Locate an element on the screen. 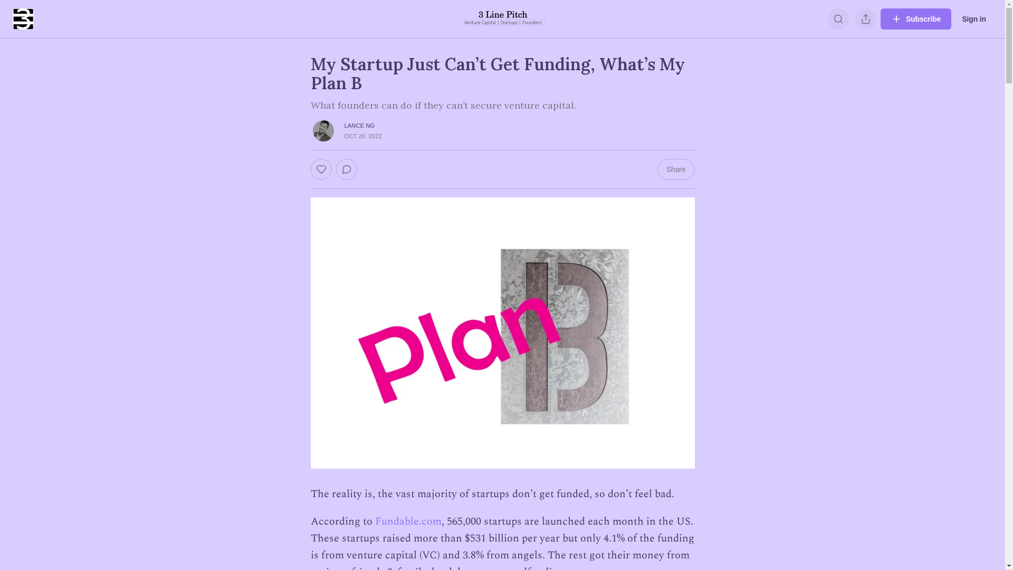 The height and width of the screenshot is (570, 1013). 'Share' is located at coordinates (657, 168).